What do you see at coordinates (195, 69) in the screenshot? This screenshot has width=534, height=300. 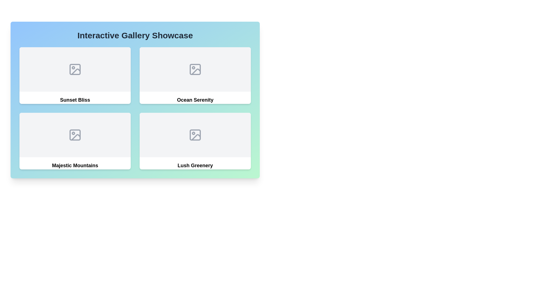 I see `Image Placeholder located in the upper row of the grid, which is the second element from the left and is associated with the label 'Ocean Serenity'` at bounding box center [195, 69].